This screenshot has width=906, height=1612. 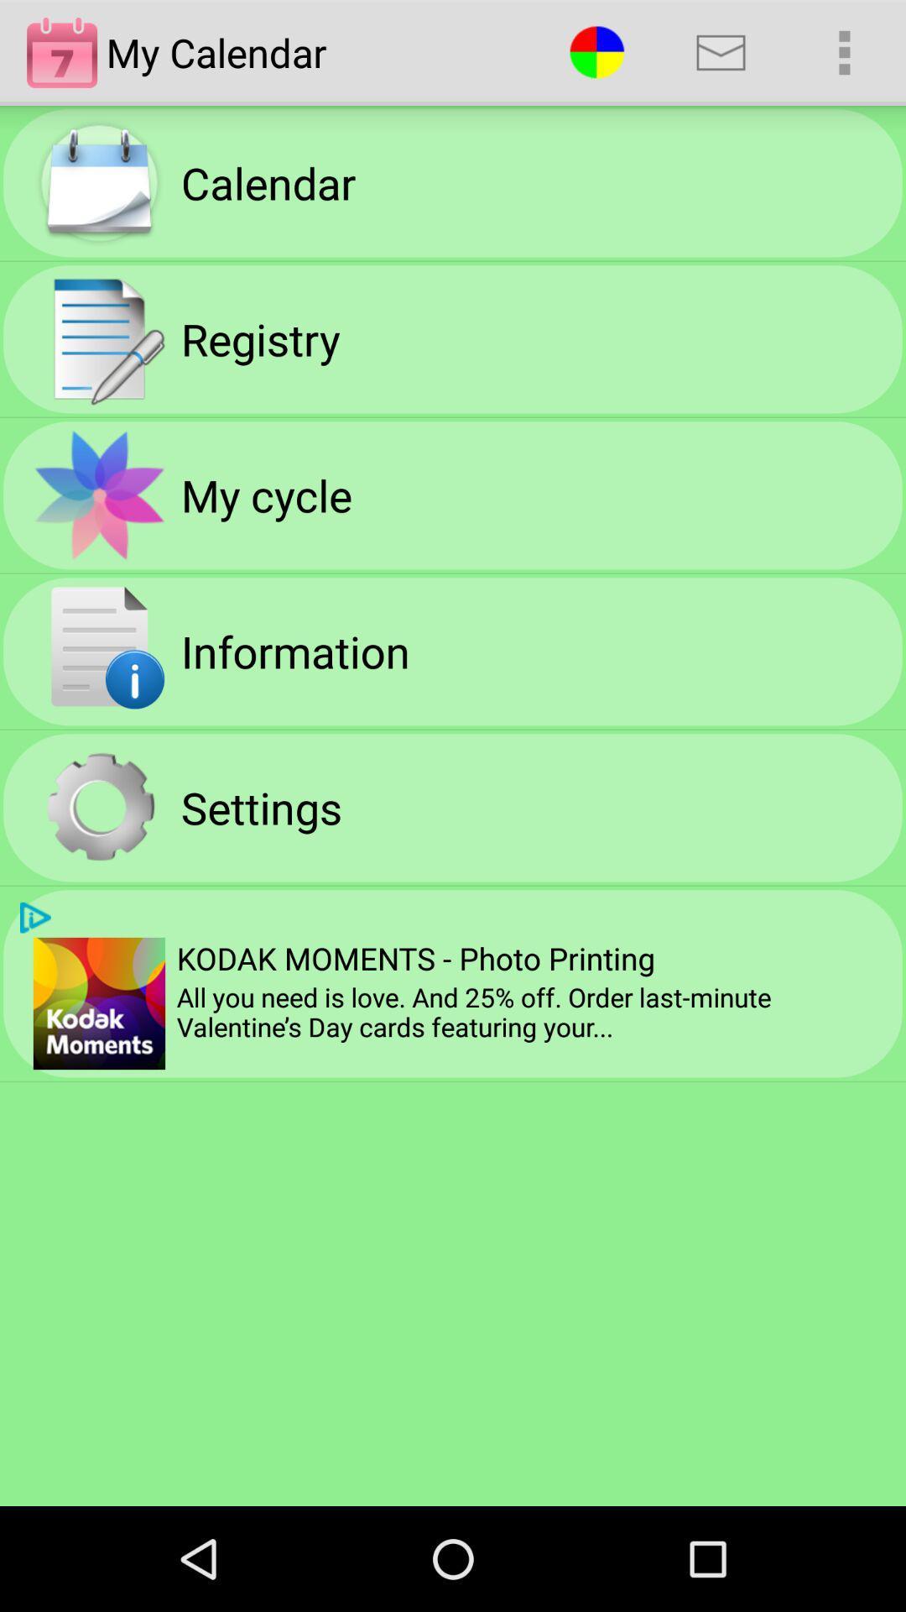 I want to click on app above the kodak moments photo app, so click(x=720, y=52).